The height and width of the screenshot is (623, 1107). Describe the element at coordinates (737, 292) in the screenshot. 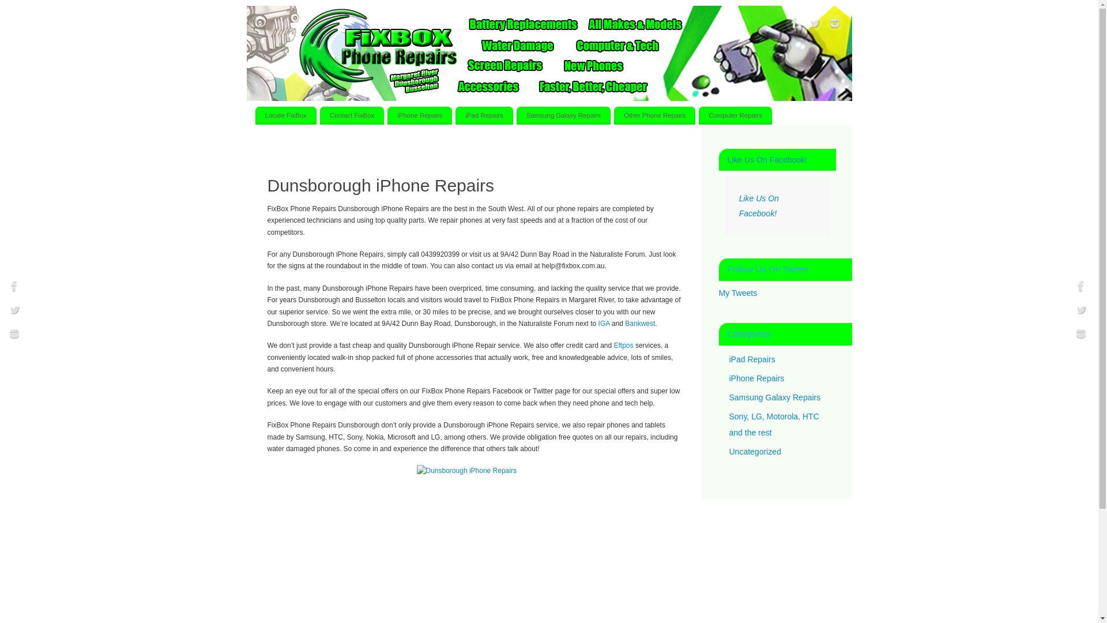

I see `'My Tweets'` at that location.